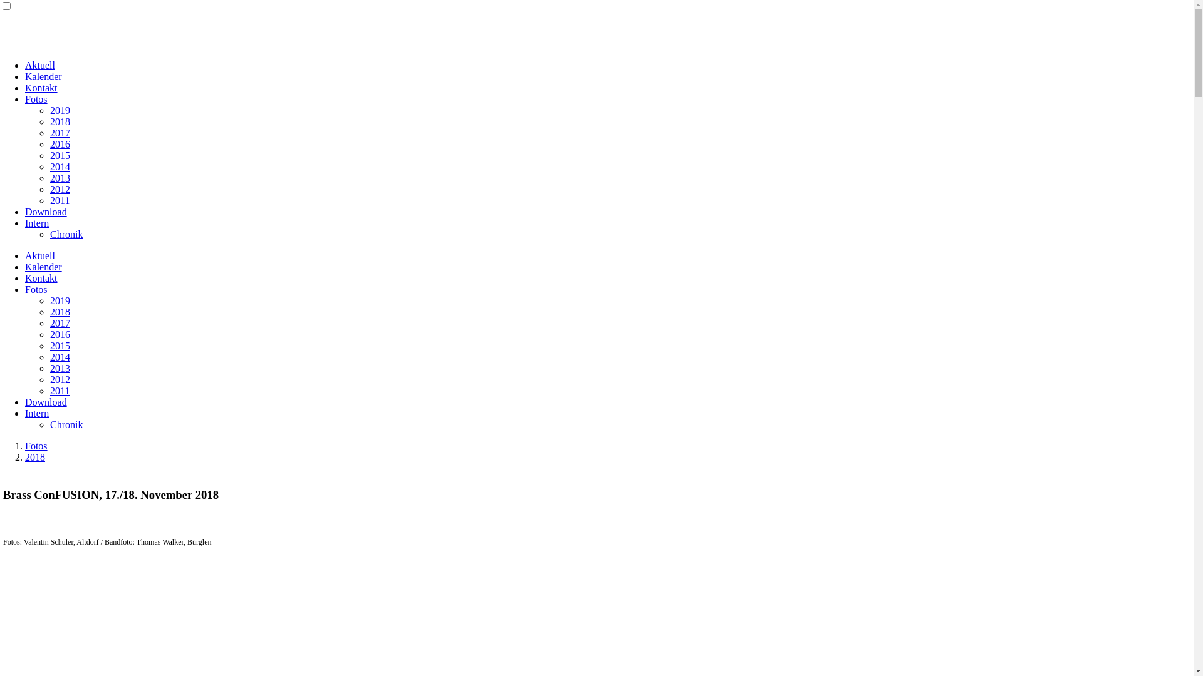 This screenshot has width=1203, height=676. I want to click on 'Aktuell', so click(39, 255).